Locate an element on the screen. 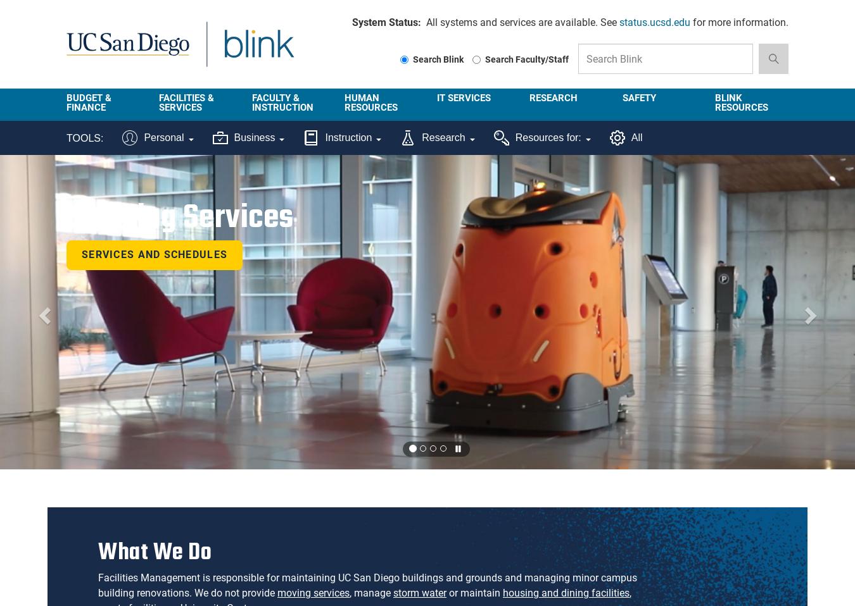  'Resources for:' is located at coordinates (514, 137).